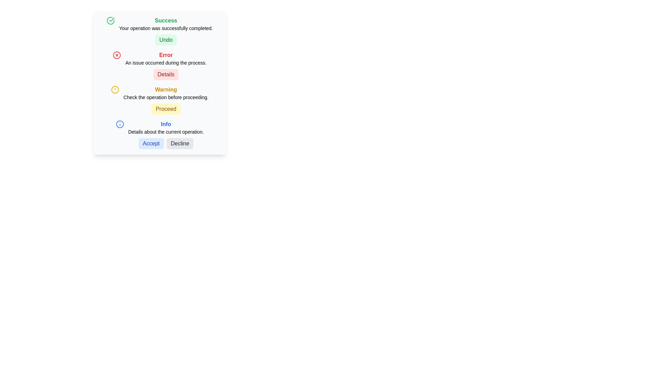 The width and height of the screenshot is (664, 373). What do you see at coordinates (115, 89) in the screenshot?
I see `the uppermost shape of the 'Warning' icon, which visually indicates a cautionary message to the user` at bounding box center [115, 89].